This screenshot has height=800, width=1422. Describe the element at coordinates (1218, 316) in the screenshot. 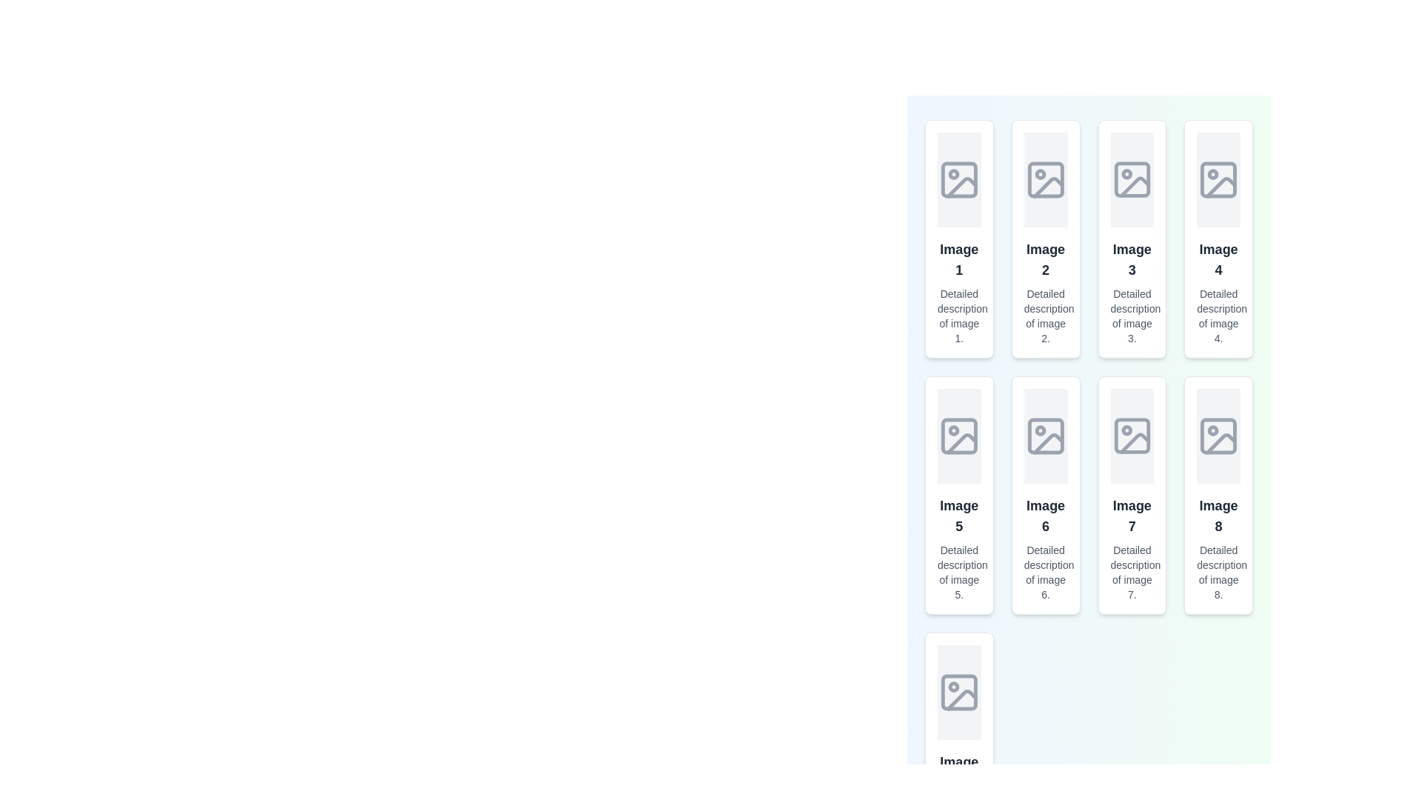

I see `the text element that provides a detailed description for 'Image 4', located in the fourth column of the grid layout, below the bold title text labeled 'Image 4'` at that location.